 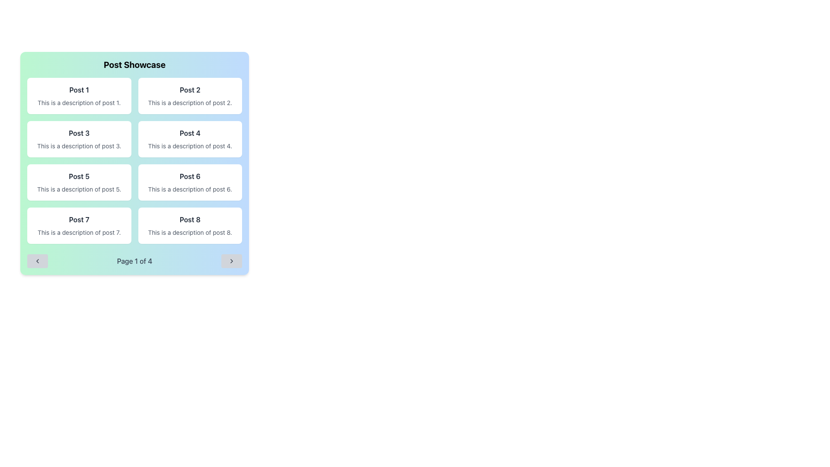 What do you see at coordinates (79, 133) in the screenshot?
I see `the Text Label element that displays 'Post 3' in bold, dark gray font against a white background, located at the top of the card for 'Post 3'` at bounding box center [79, 133].